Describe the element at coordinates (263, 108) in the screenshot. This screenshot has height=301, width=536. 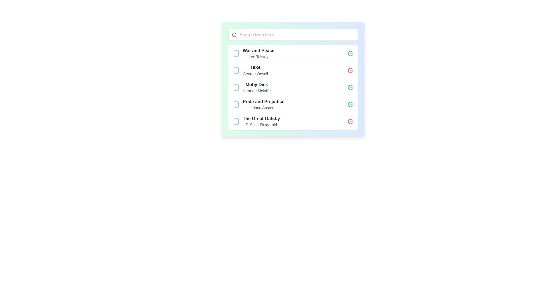
I see `the text element displaying the name 'Jane Austen', which is located below the title 'Pride and Prejudice'` at that location.